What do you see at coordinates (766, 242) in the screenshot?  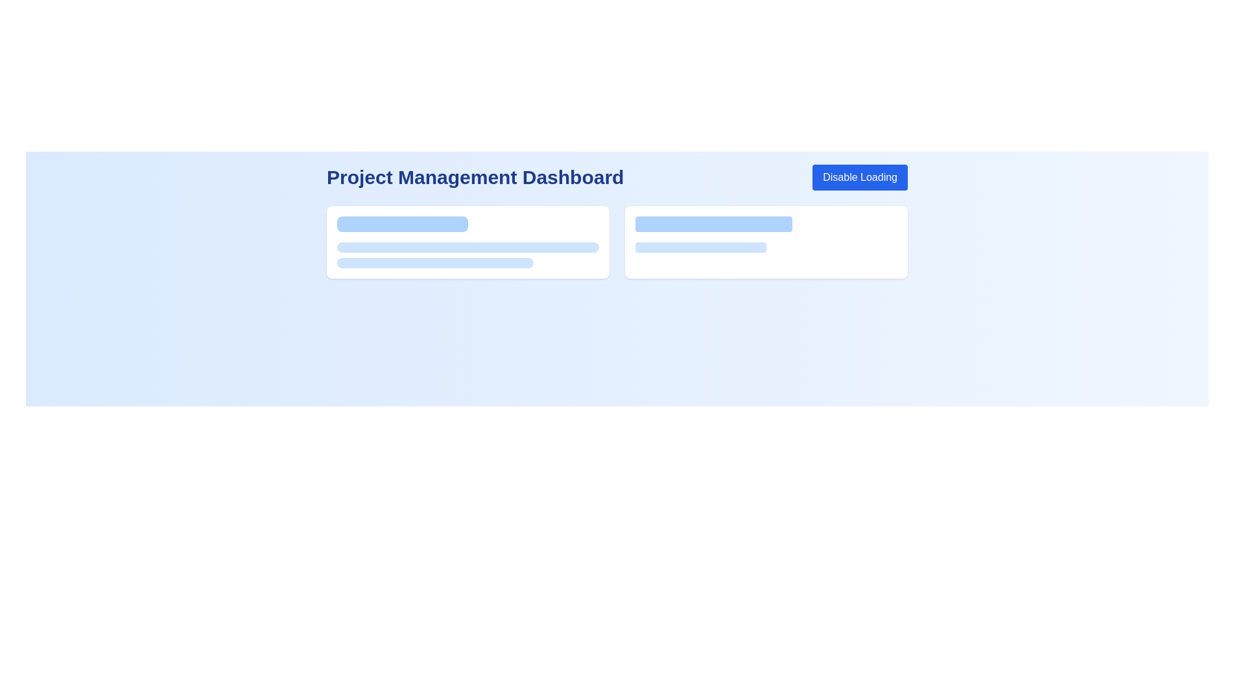 I see `the card component located in the right column of the layout, which has a white background and blue horizontal bars, starting from its center point` at bounding box center [766, 242].